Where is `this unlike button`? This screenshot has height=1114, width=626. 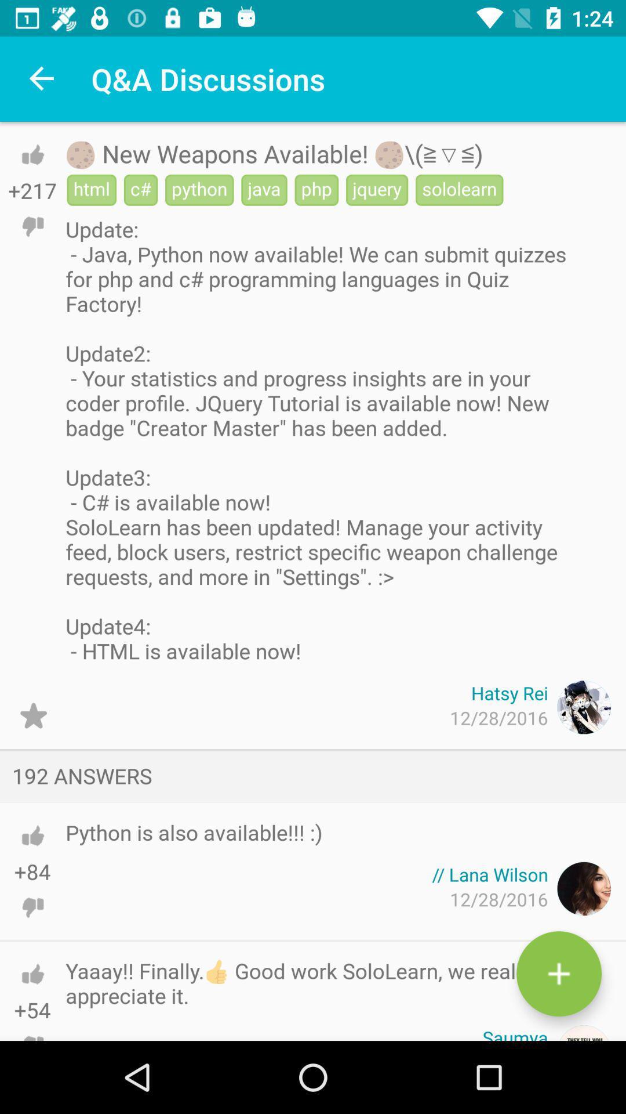
this unlike button is located at coordinates (32, 907).